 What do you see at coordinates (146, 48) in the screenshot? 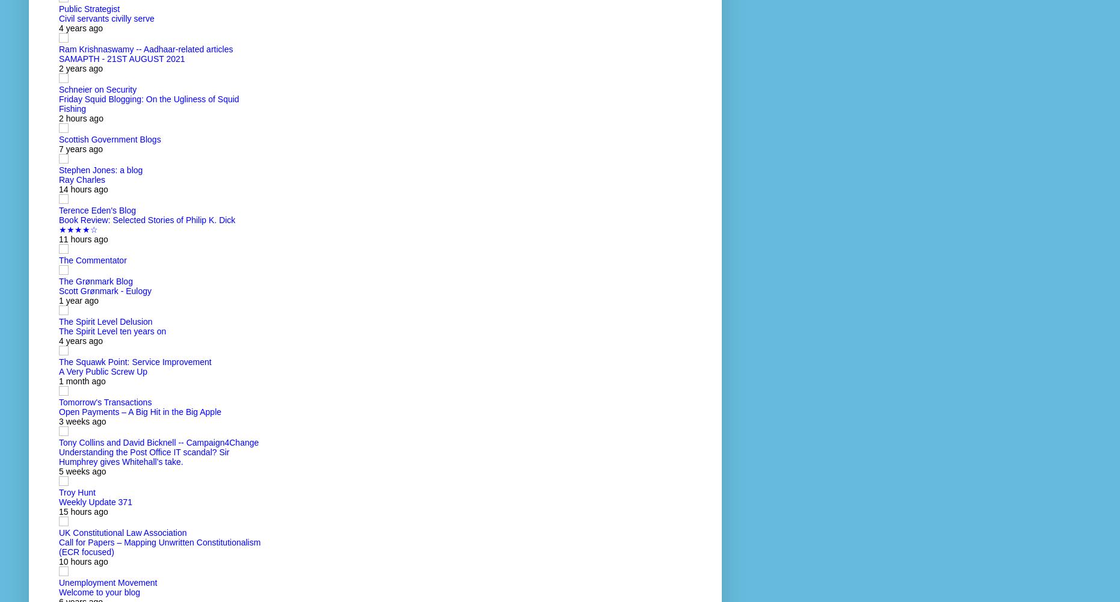
I see `'Ram Krishnaswamy -- Aadhaar-related articles'` at bounding box center [146, 48].